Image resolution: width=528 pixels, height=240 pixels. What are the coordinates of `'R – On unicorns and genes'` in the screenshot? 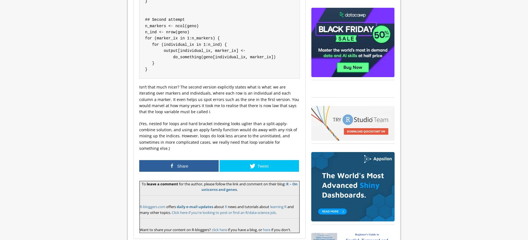 It's located at (249, 186).